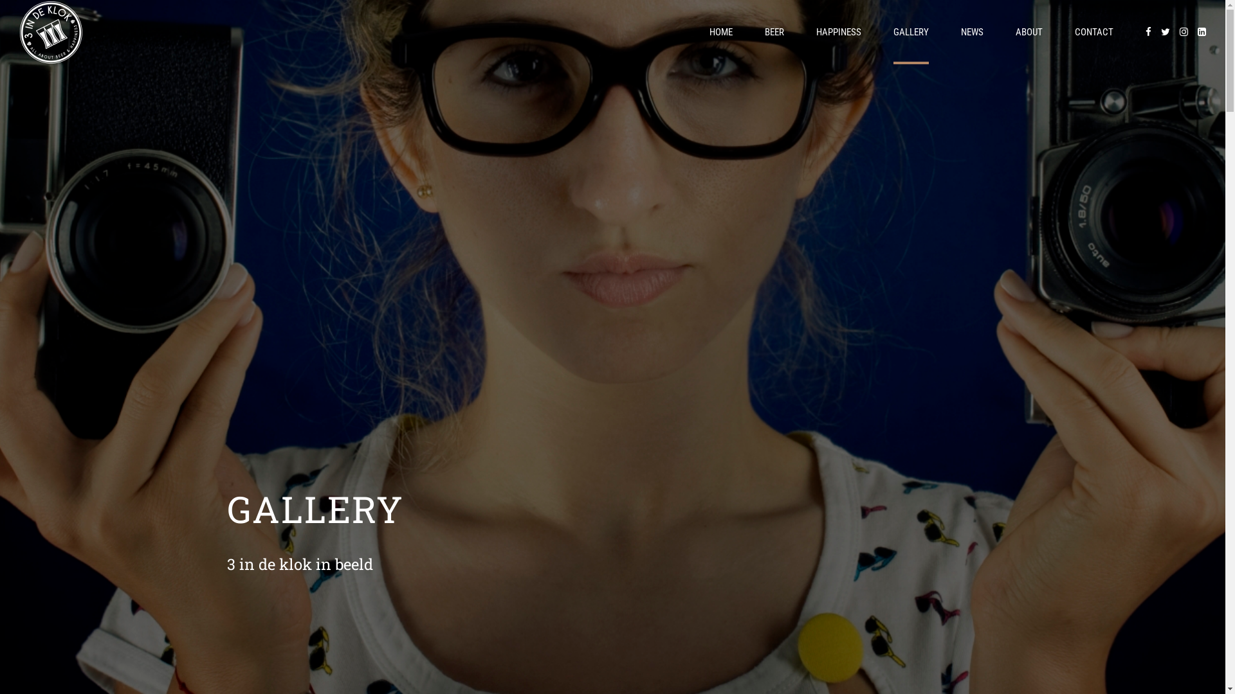 This screenshot has height=694, width=1235. What do you see at coordinates (1093, 31) in the screenshot?
I see `'CONTACT'` at bounding box center [1093, 31].